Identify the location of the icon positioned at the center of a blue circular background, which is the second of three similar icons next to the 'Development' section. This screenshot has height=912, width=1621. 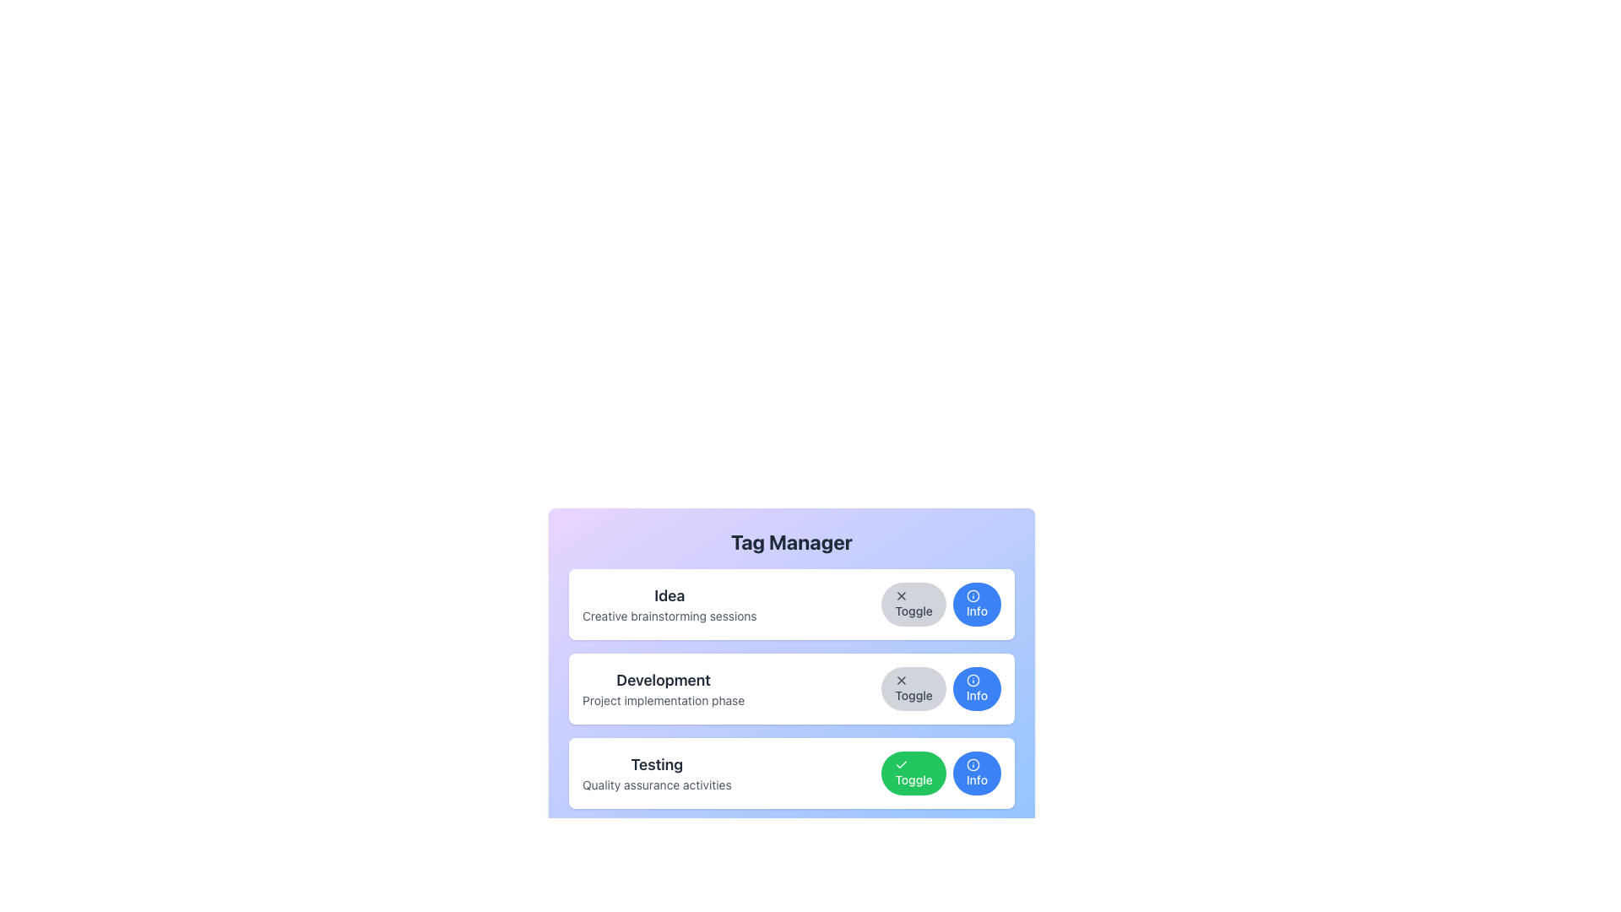
(973, 680).